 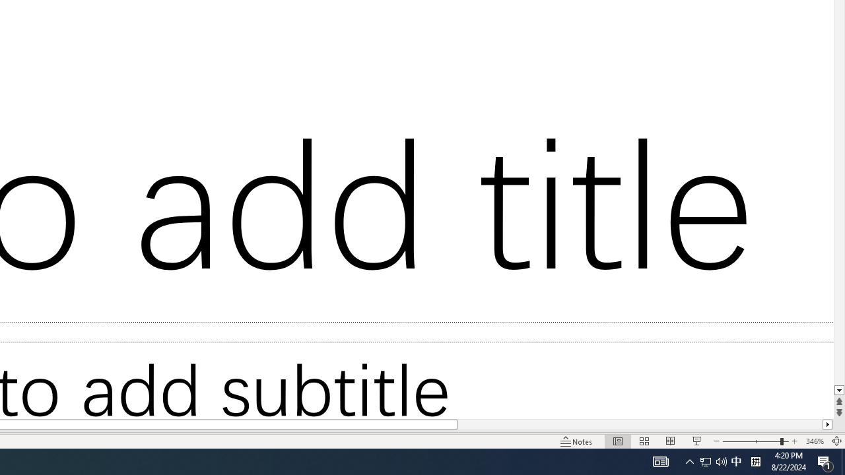 I want to click on 'Zoom In', so click(x=794, y=441).